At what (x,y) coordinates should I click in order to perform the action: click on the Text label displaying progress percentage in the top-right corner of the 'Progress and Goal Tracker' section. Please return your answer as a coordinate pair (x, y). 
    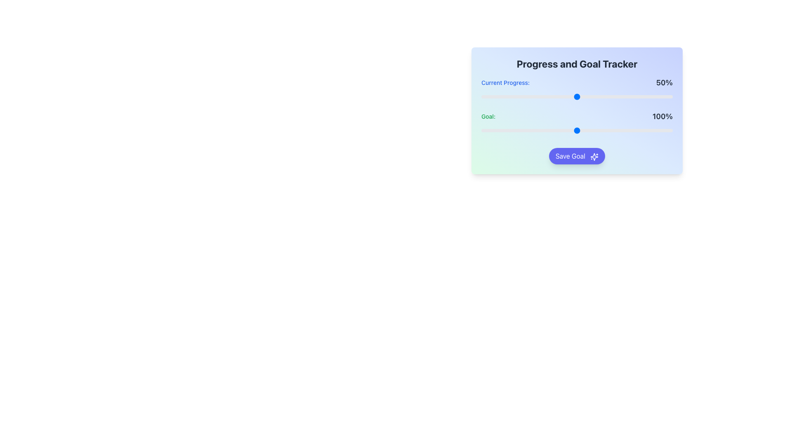
    Looking at the image, I should click on (664, 82).